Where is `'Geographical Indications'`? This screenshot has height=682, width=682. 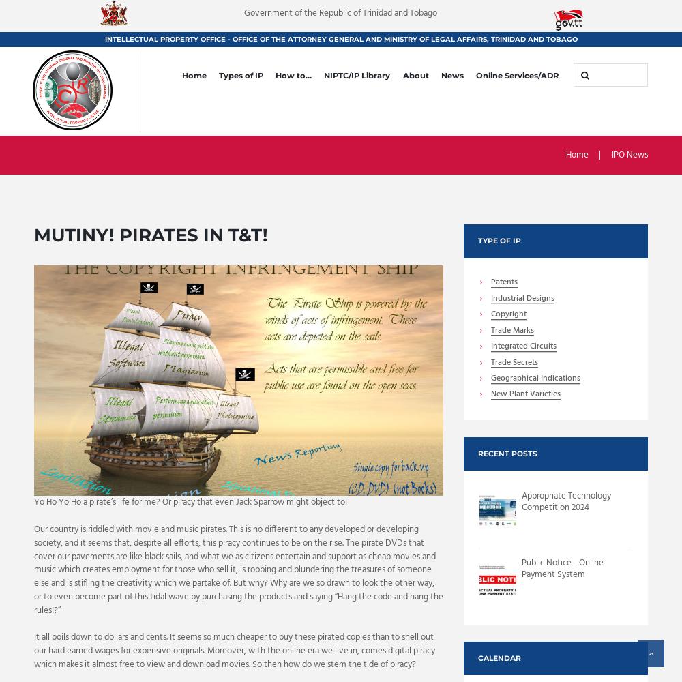
'Geographical Indications' is located at coordinates (490, 379).